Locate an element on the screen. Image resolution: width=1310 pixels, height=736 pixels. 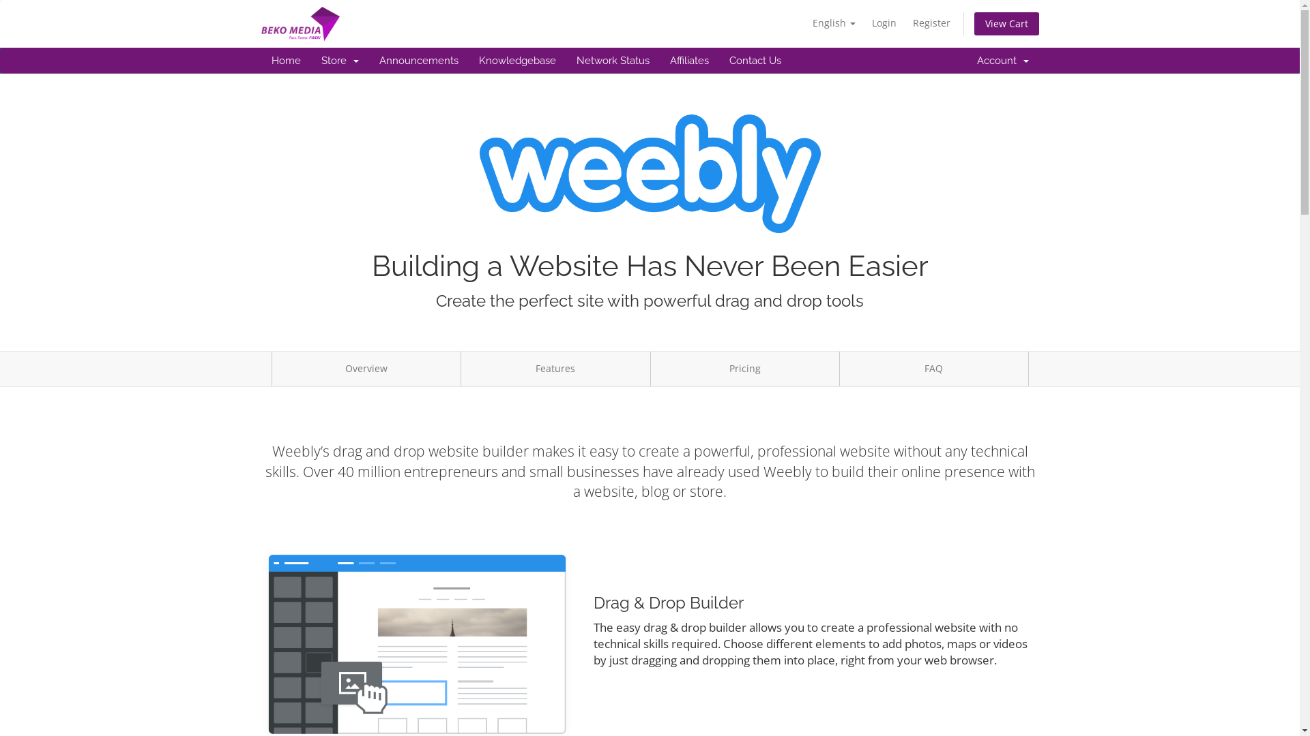
'Login' is located at coordinates (864, 23).